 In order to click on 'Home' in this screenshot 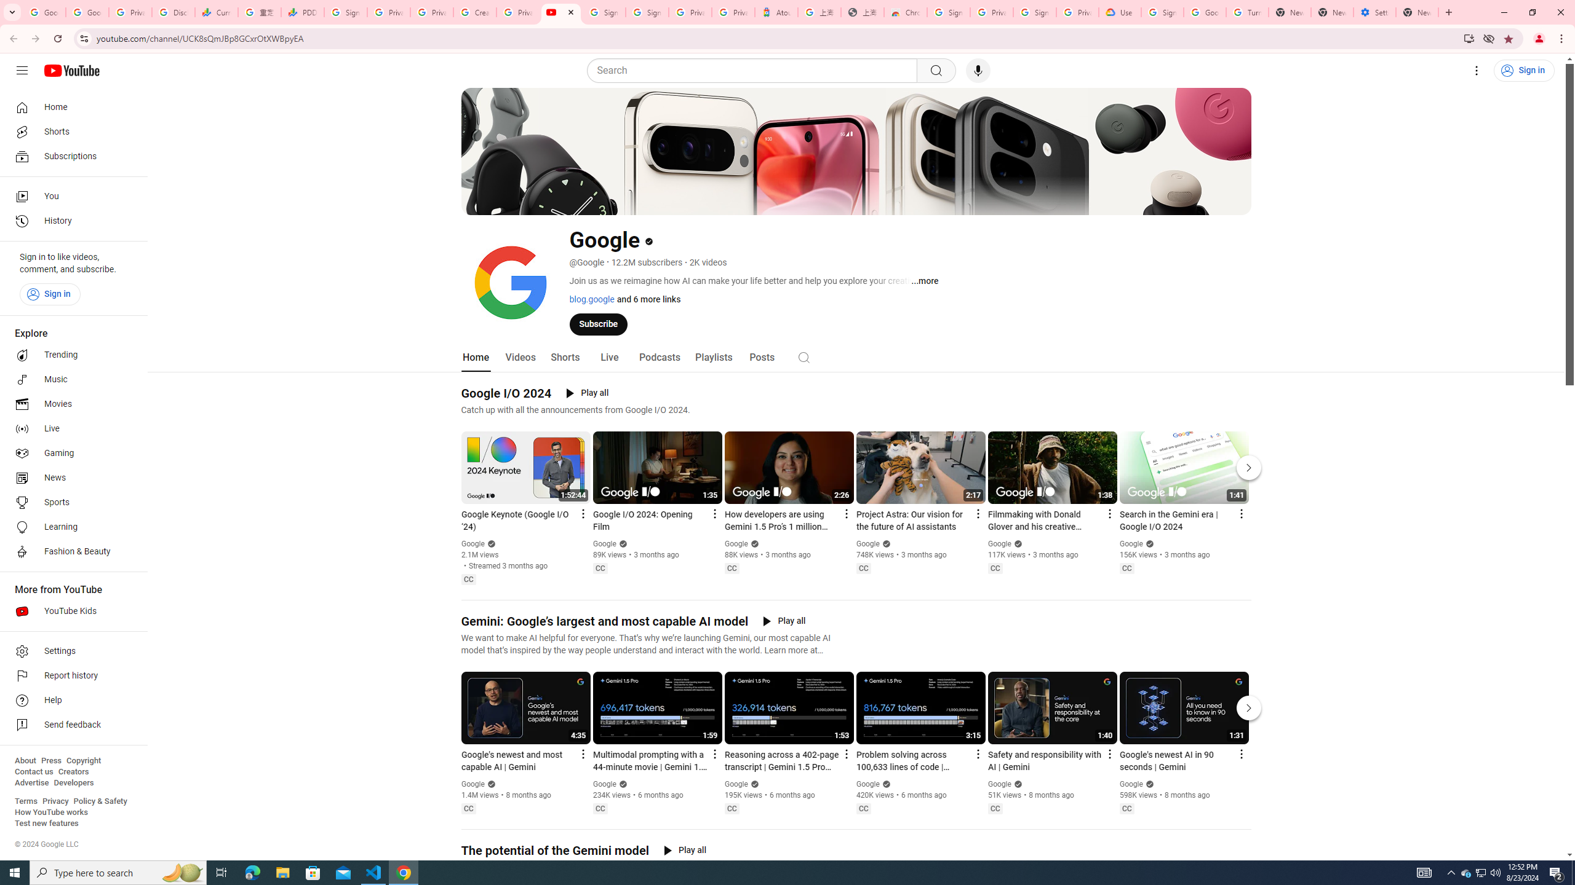, I will do `click(70, 106)`.